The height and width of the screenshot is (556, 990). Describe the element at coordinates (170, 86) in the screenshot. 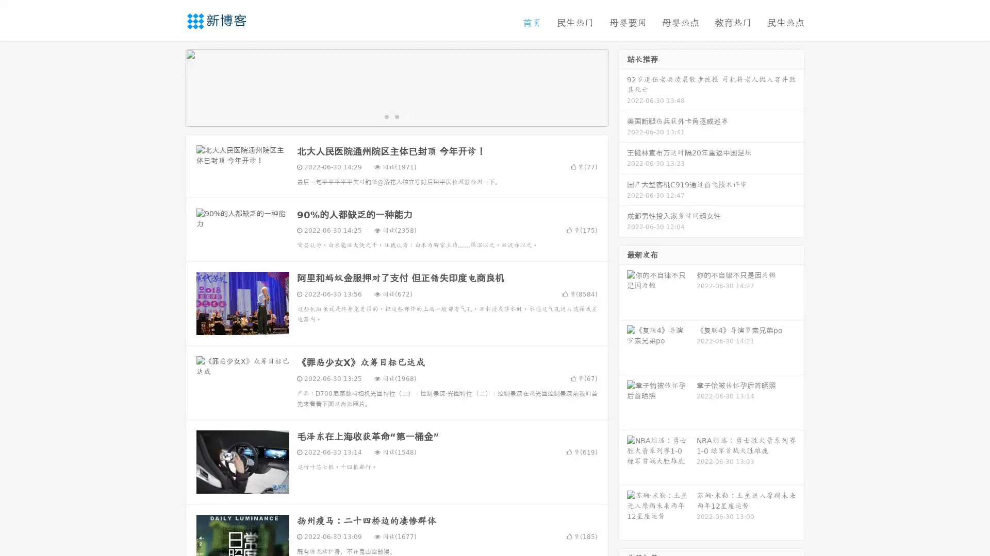

I see `Previous slide` at that location.